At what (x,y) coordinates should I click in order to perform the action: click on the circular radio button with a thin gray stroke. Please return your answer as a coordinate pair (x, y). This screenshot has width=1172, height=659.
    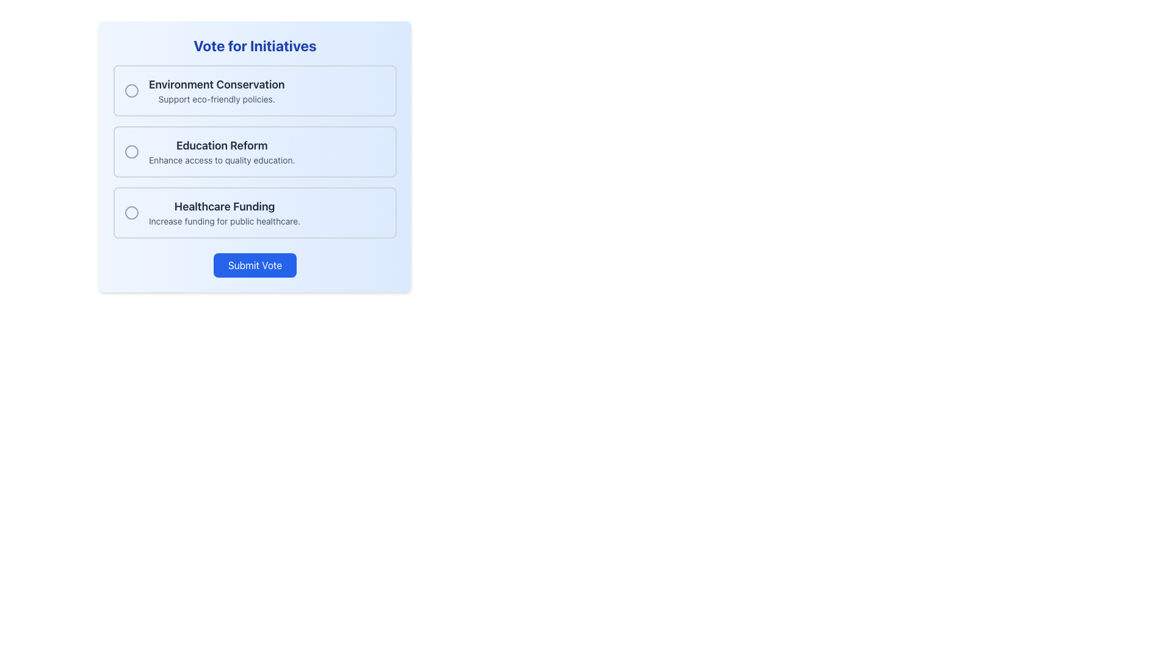
    Looking at the image, I should click on (132, 212).